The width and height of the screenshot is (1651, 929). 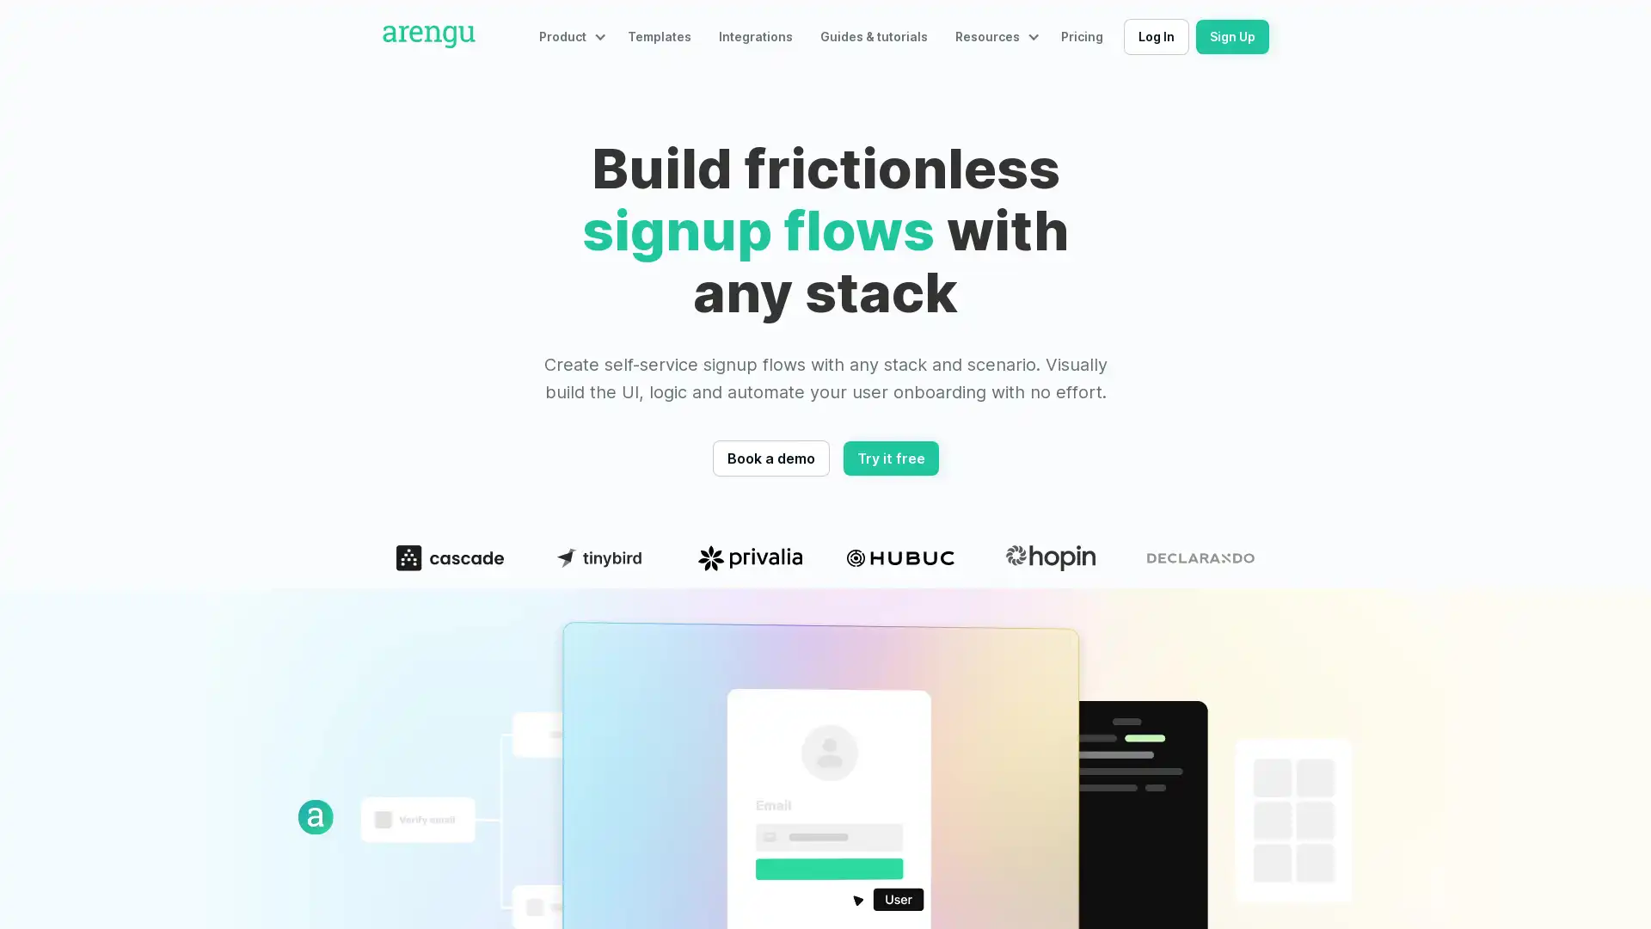 What do you see at coordinates (178, 881) in the screenshot?
I see `dismiss cookie message` at bounding box center [178, 881].